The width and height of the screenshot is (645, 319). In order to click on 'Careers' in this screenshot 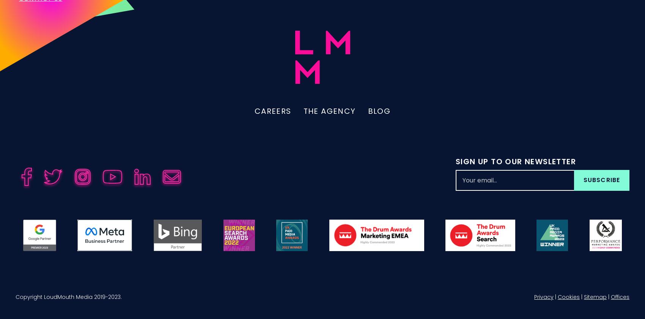, I will do `click(272, 119)`.